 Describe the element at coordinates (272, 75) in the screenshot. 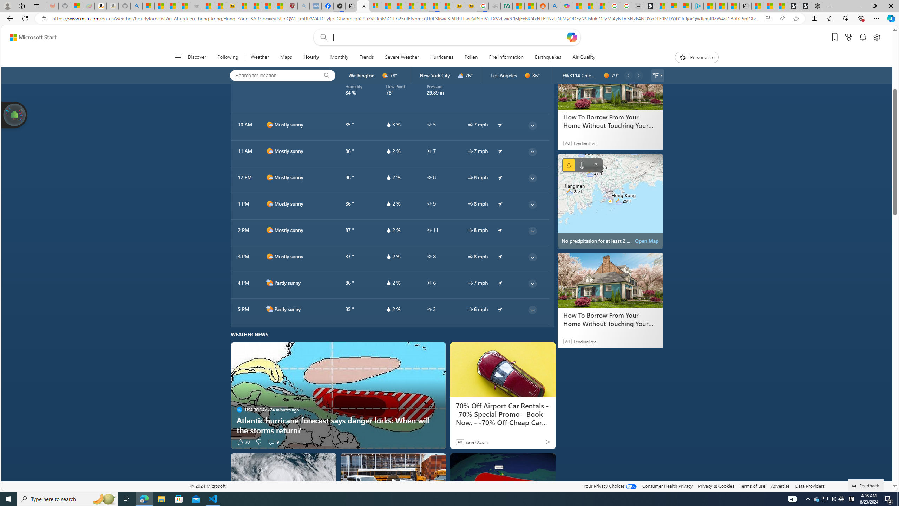

I see `'Search for location'` at that location.